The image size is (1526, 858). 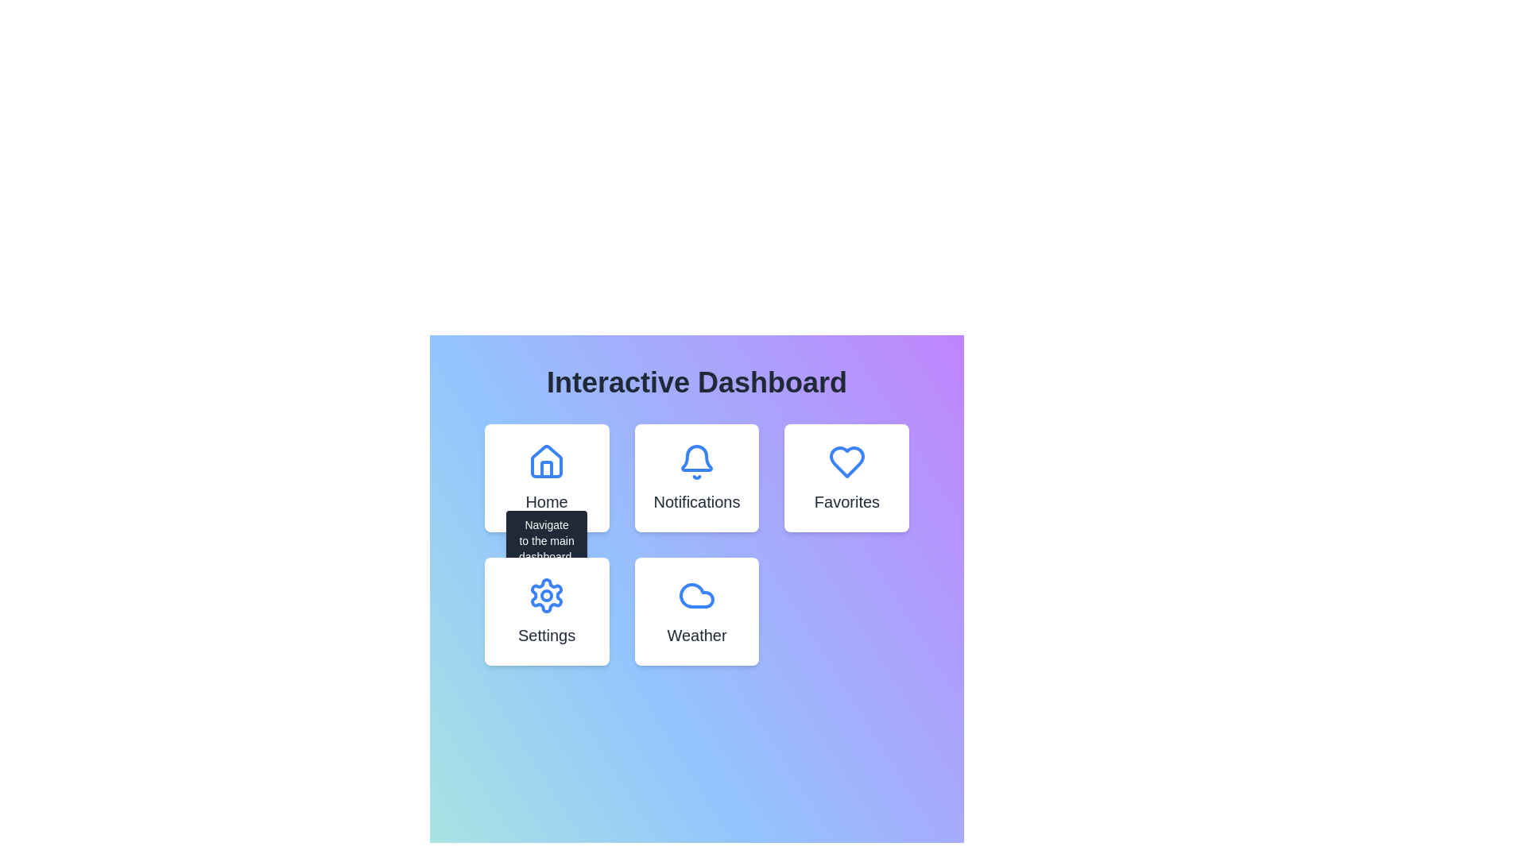 I want to click on tooltip with dark gray background and white text saying 'Navigate to the main dashboard.' positioned below the 'Home' label in the dashboard interface, so click(x=547, y=539).